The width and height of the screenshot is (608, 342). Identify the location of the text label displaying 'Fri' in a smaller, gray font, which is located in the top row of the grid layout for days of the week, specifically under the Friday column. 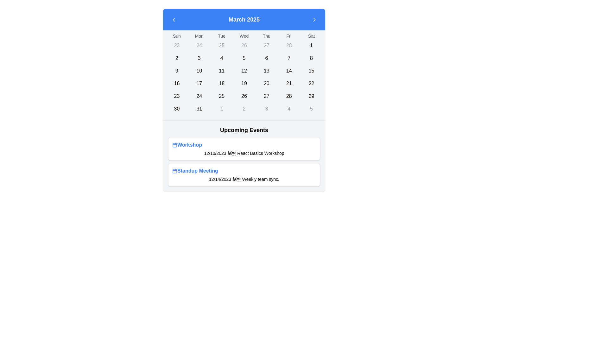
(288, 36).